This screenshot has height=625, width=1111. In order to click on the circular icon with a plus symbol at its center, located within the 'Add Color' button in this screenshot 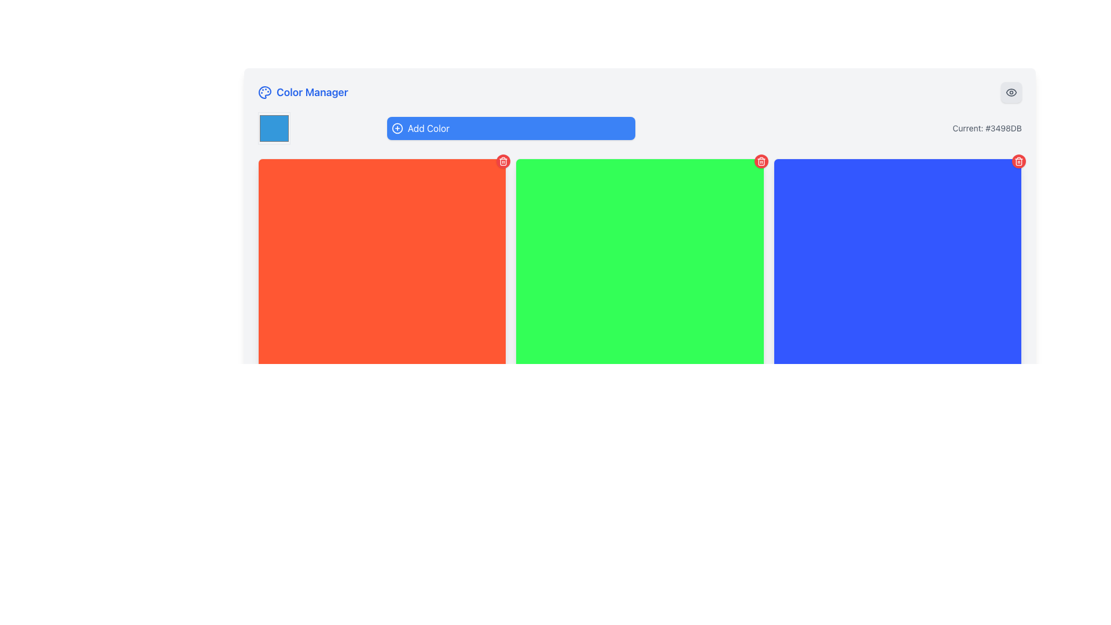, I will do `click(397, 128)`.